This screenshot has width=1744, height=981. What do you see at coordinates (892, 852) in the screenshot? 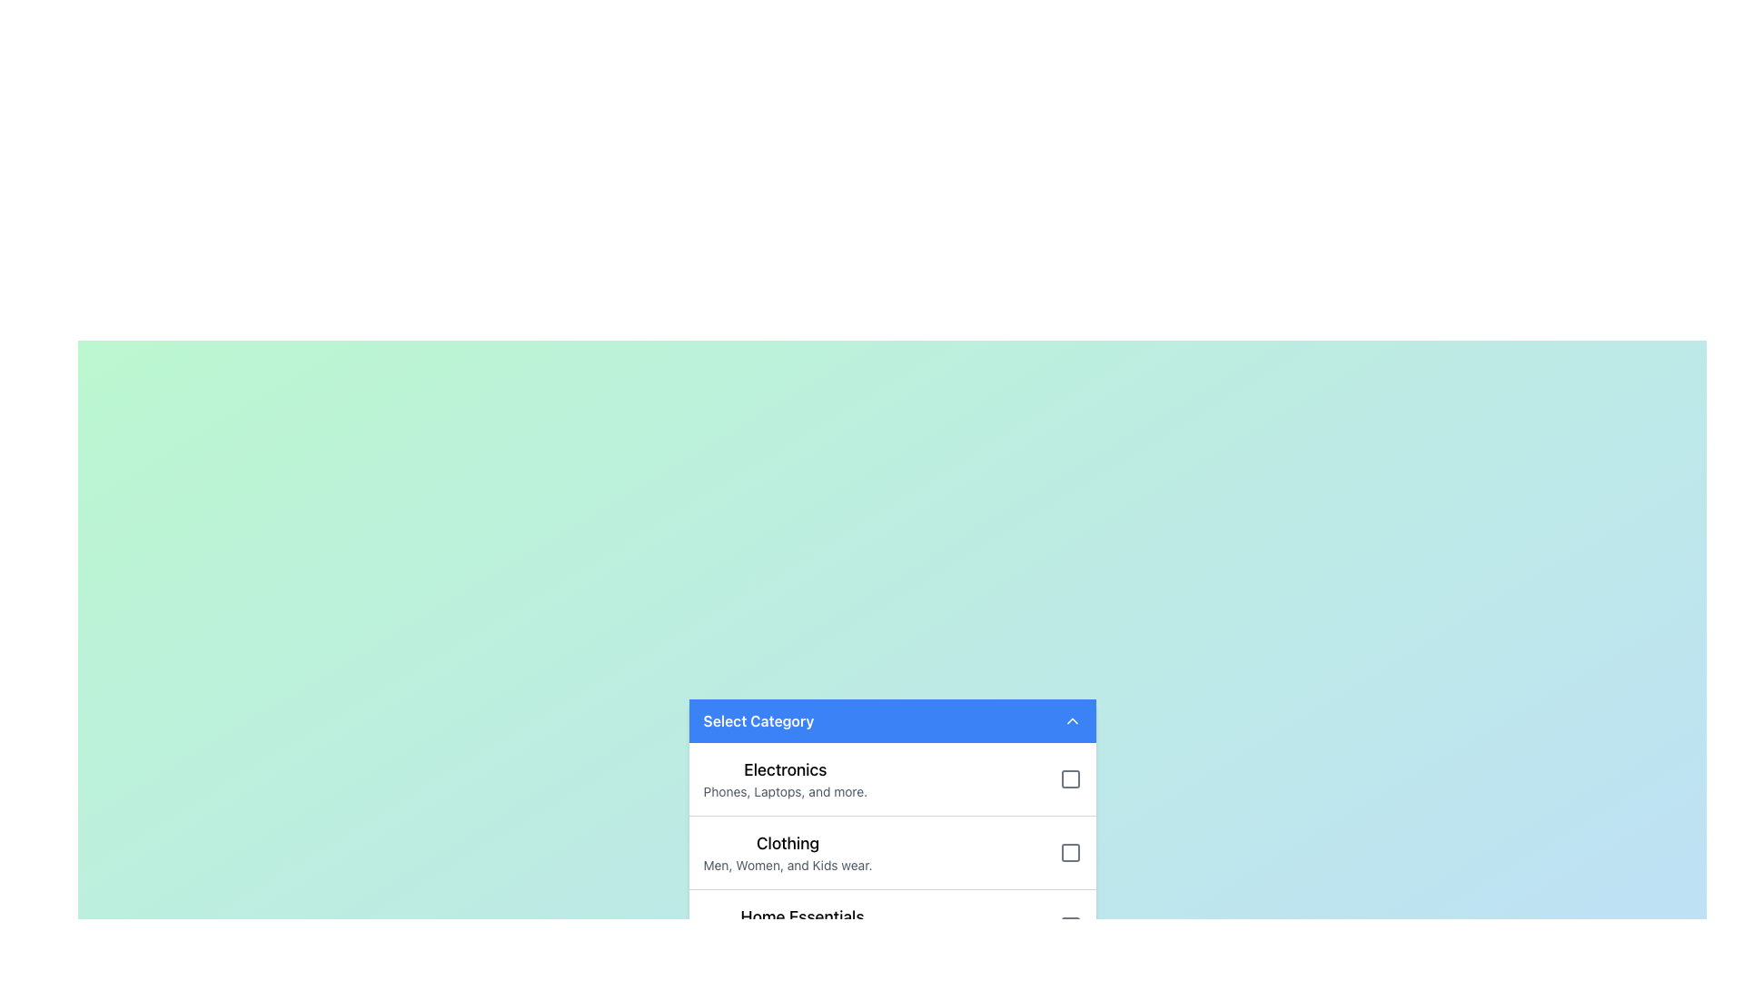
I see `the second category selector for 'Clothing', which includes a title, description, and checkbox, to observe the hover effects` at bounding box center [892, 852].